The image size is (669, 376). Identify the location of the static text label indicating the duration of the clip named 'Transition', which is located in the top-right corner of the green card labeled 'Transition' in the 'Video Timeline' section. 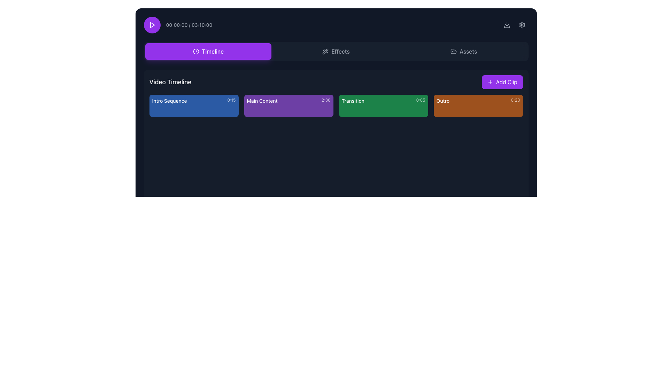
(420, 100).